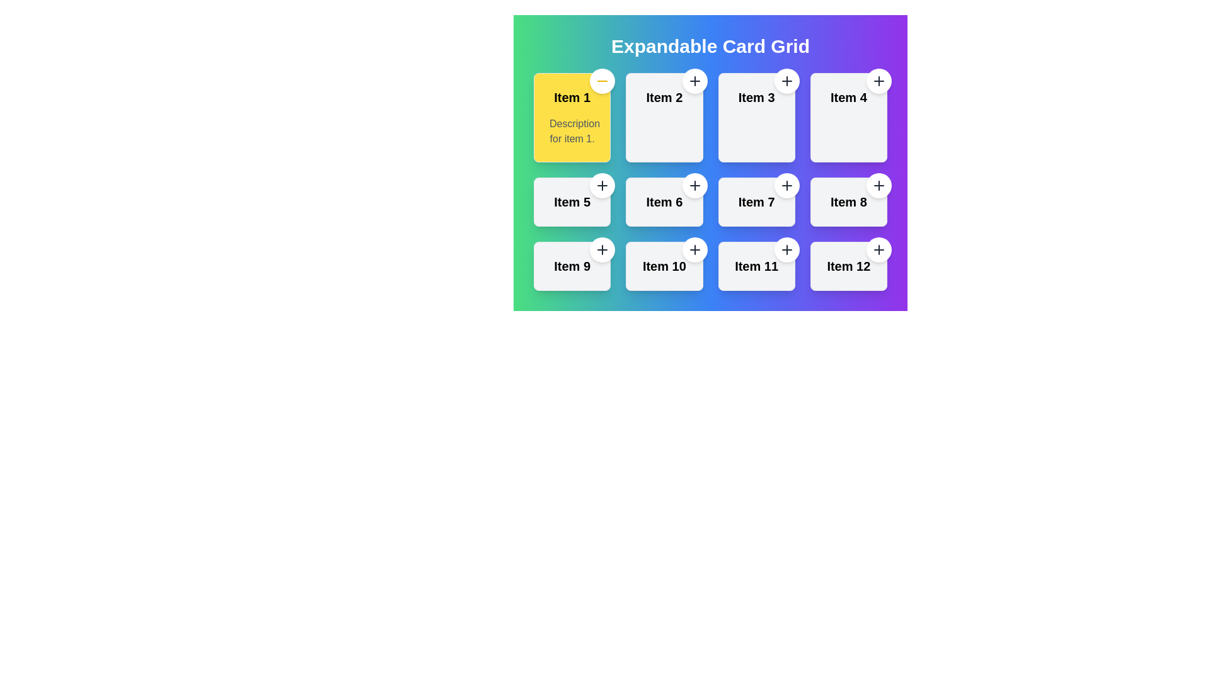 The image size is (1210, 680). Describe the element at coordinates (694, 81) in the screenshot. I see `the '+' button located at the top-right corner of the 'Item 2' card in the 'Expandable Card Grid'` at that location.